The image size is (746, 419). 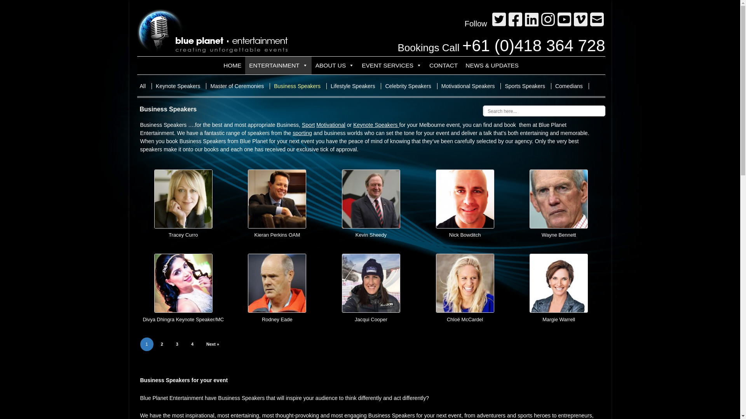 What do you see at coordinates (558, 203) in the screenshot?
I see `'Wayne Bennett'` at bounding box center [558, 203].